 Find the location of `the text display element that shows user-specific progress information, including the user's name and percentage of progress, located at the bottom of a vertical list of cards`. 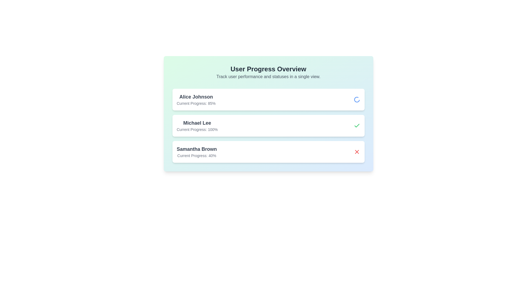

the text display element that shows user-specific progress information, including the user's name and percentage of progress, located at the bottom of a vertical list of cards is located at coordinates (196, 152).